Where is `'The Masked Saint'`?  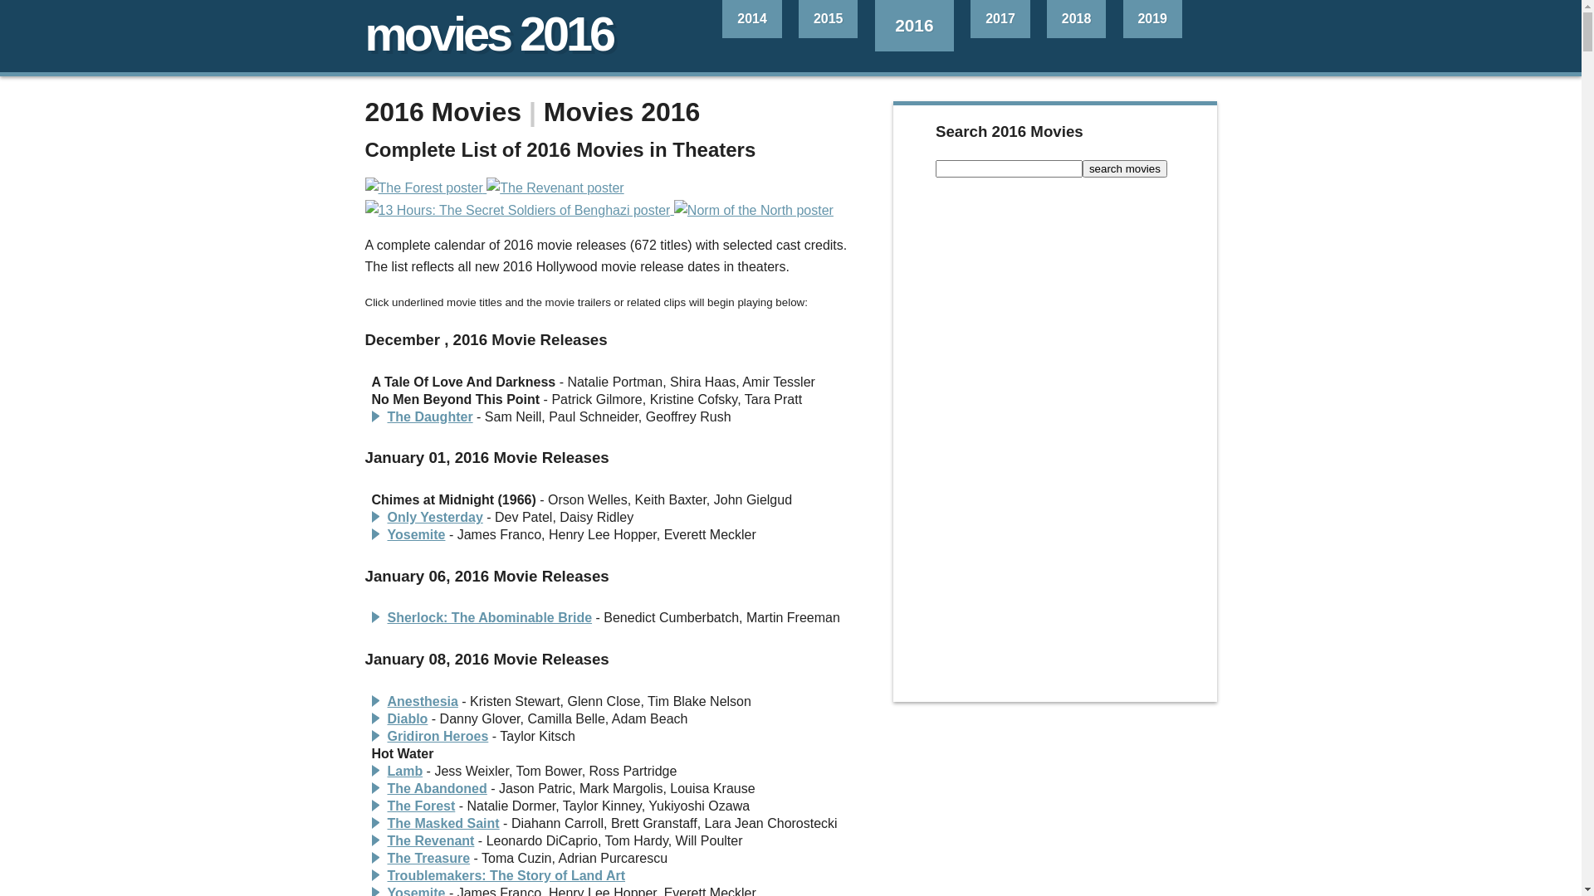
'The Masked Saint' is located at coordinates (443, 823).